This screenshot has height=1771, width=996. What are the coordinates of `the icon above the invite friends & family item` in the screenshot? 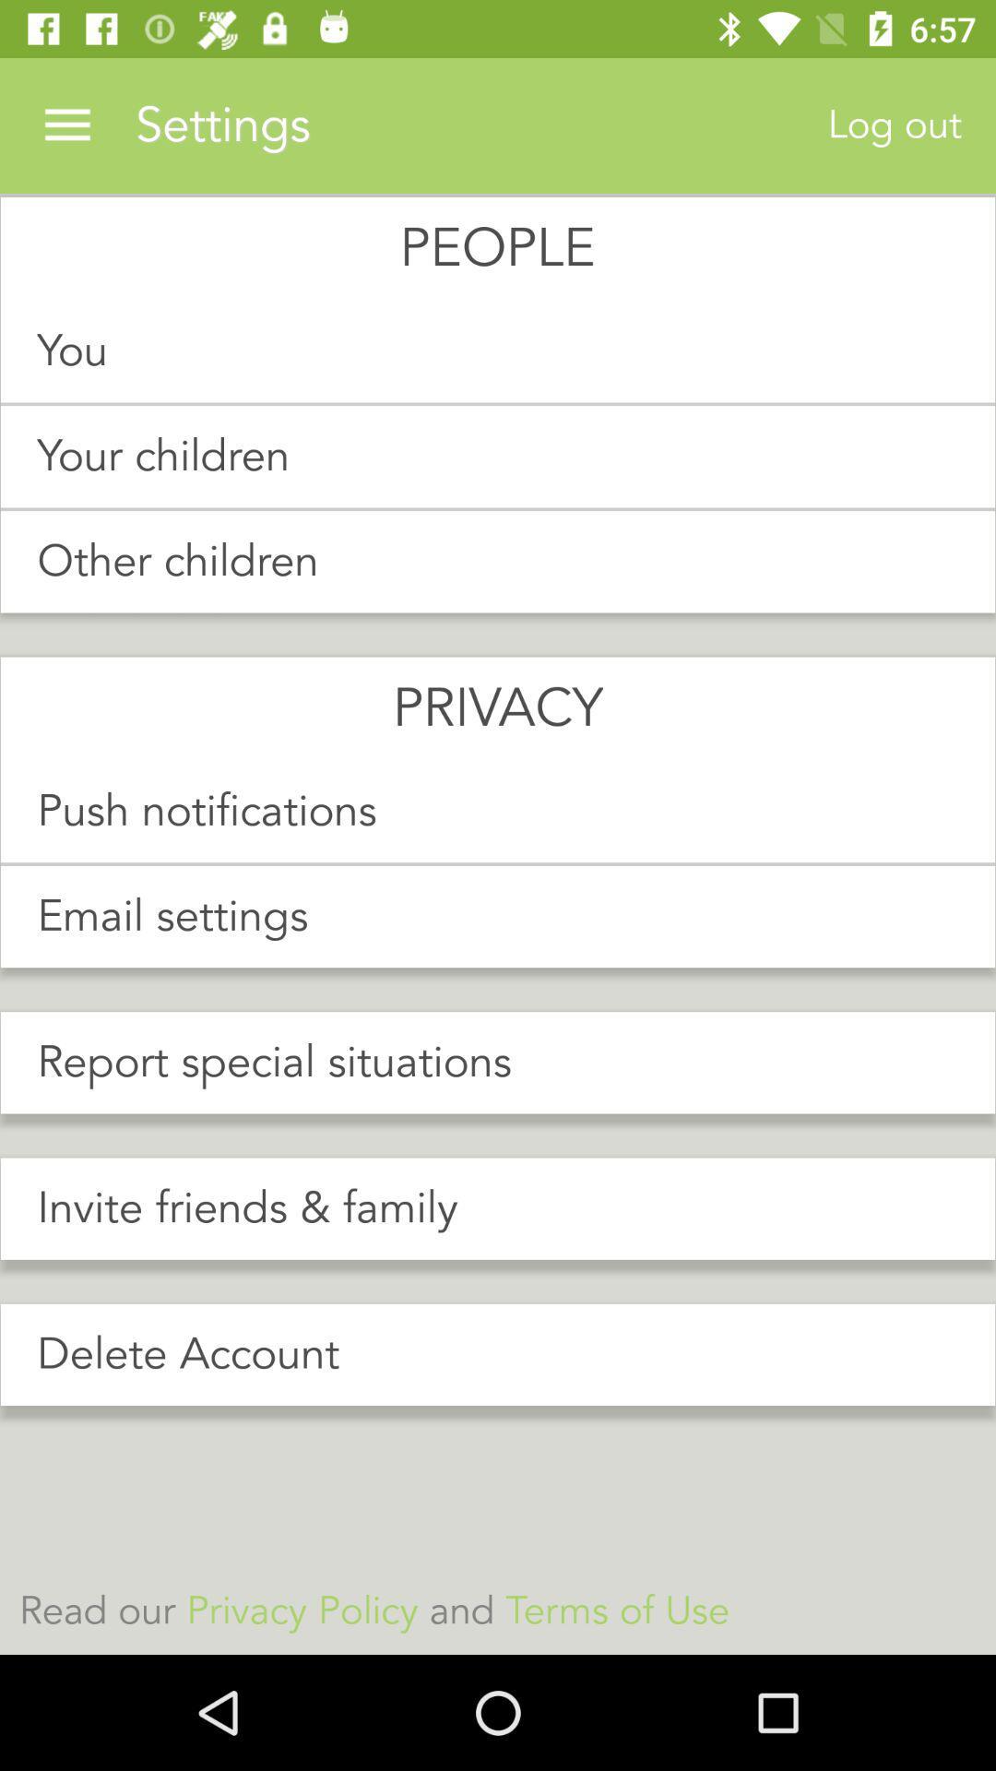 It's located at (498, 1063).